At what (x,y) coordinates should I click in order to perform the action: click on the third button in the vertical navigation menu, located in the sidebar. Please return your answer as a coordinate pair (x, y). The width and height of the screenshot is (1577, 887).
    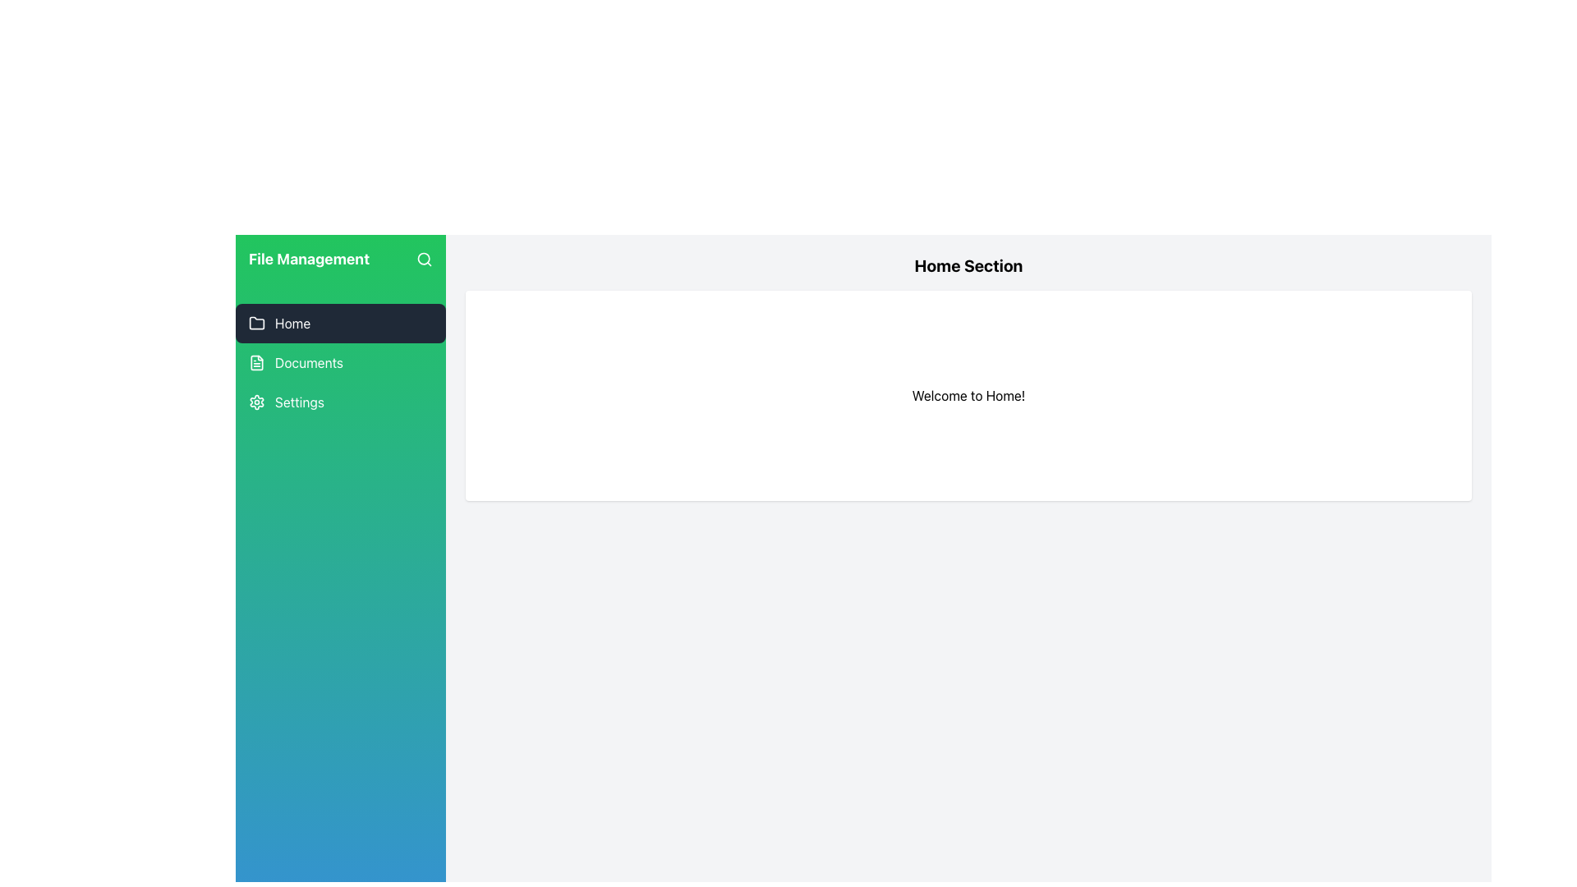
    Looking at the image, I should click on (339, 402).